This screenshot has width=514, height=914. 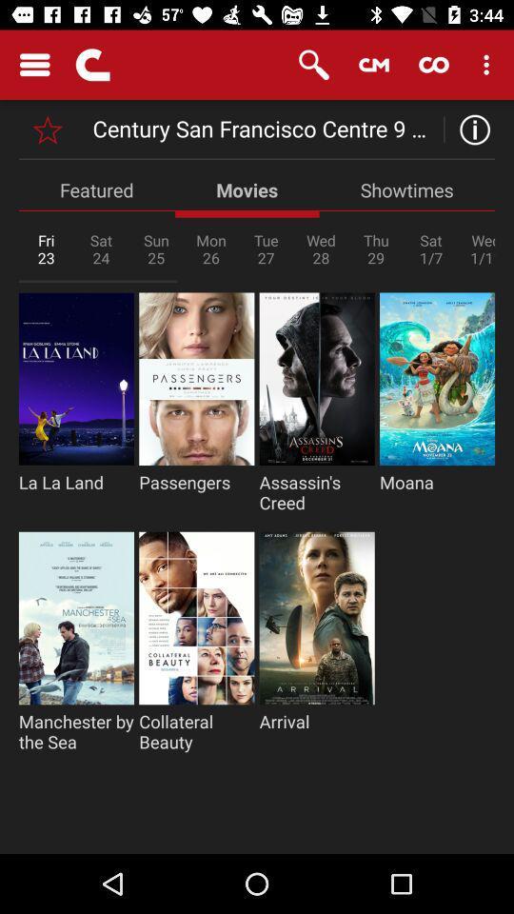 I want to click on the info icon, so click(x=468, y=129).